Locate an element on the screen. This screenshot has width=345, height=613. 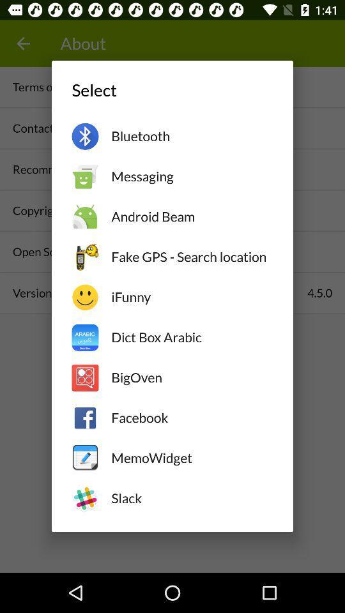
the facebook icon is located at coordinates (191, 417).